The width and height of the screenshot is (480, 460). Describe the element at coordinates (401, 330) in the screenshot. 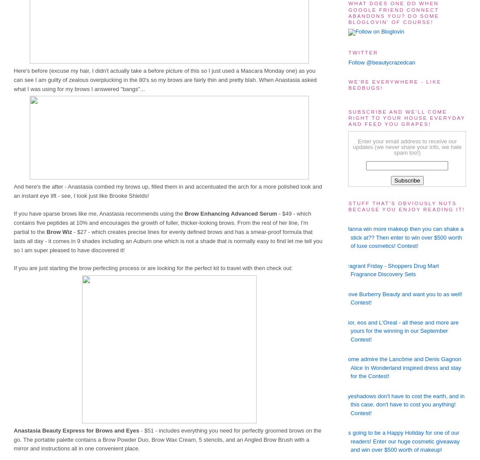

I see `'Dior, eos and L'Oreal - all these and more are yours for the winning in our September Contest!'` at that location.